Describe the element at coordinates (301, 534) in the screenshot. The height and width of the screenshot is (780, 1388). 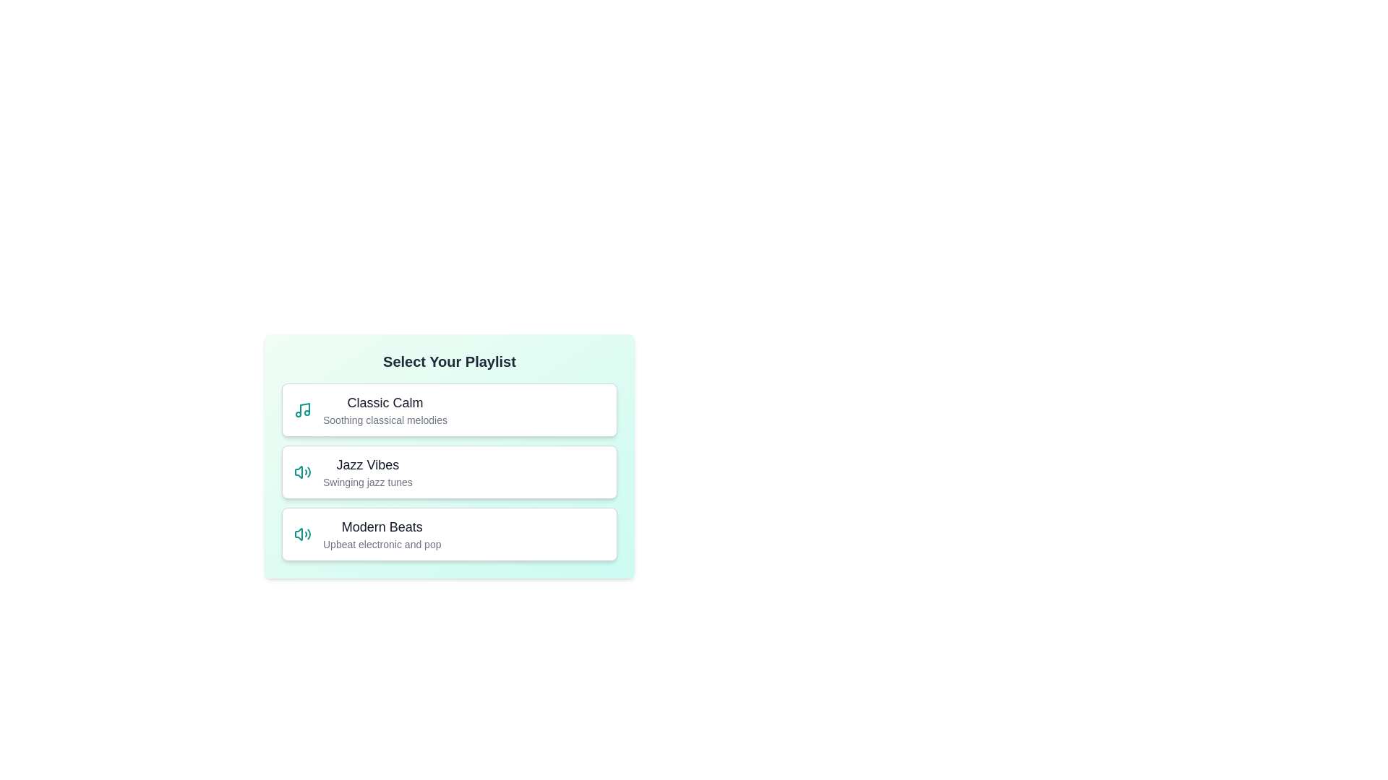
I see `the decorative icon on the left side of the 'Modern Beats' playlist entry, which signifies the theme of sound or music` at that location.